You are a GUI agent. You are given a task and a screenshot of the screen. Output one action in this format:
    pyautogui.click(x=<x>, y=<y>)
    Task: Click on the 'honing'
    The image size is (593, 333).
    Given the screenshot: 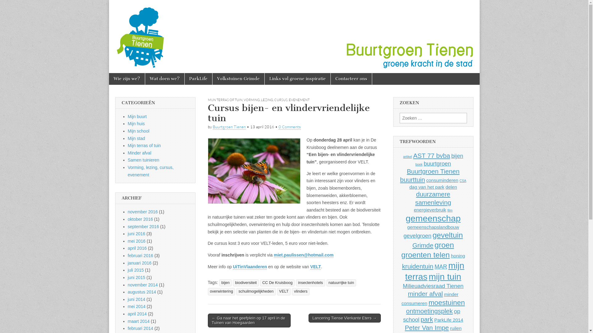 What is the action you would take?
    pyautogui.click(x=458, y=256)
    